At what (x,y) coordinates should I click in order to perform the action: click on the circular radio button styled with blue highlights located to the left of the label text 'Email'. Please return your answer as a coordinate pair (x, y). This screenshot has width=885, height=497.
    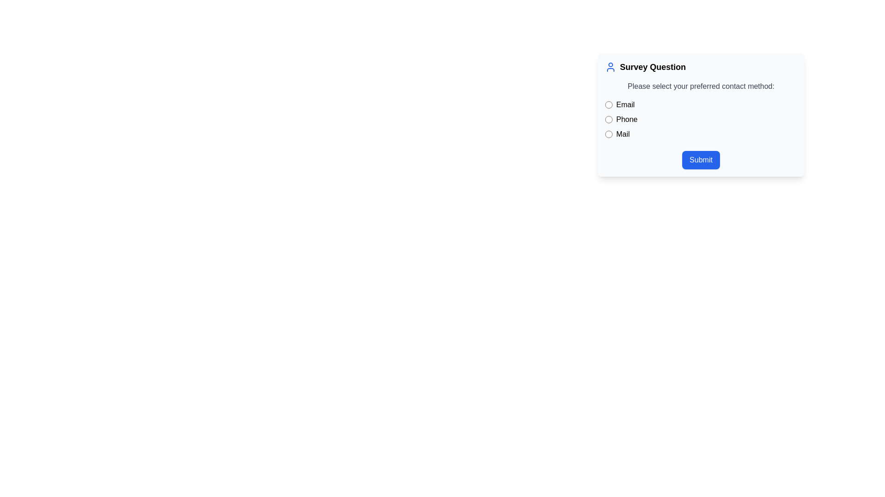
    Looking at the image, I should click on (608, 104).